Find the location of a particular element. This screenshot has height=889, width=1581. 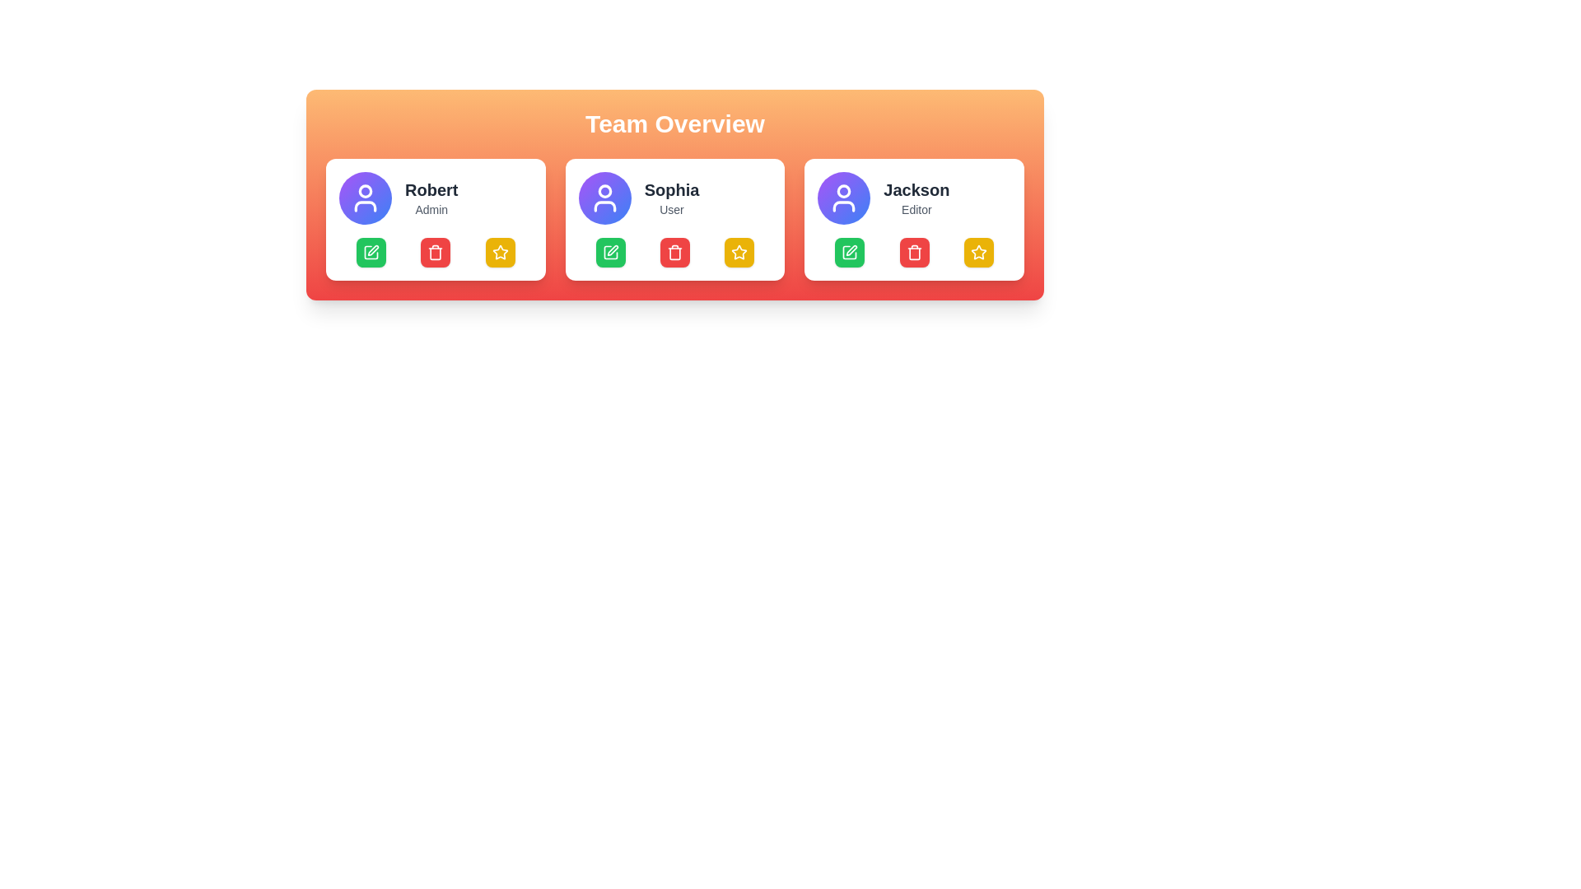

the Edit button located in the lower-left corner of the 'Jackson' card is located at coordinates (850, 253).